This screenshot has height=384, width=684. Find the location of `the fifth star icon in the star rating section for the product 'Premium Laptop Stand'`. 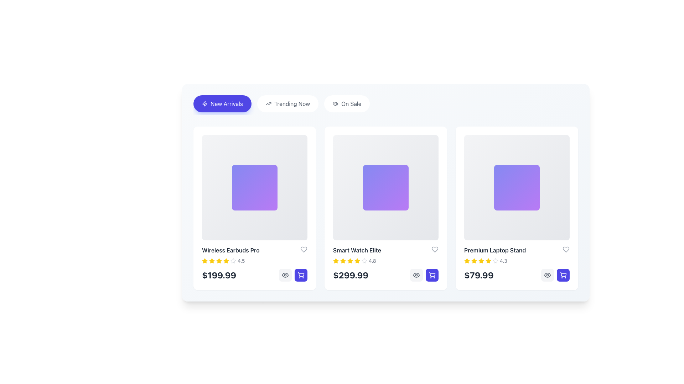

the fifth star icon in the star rating section for the product 'Premium Laptop Stand' is located at coordinates (488, 261).